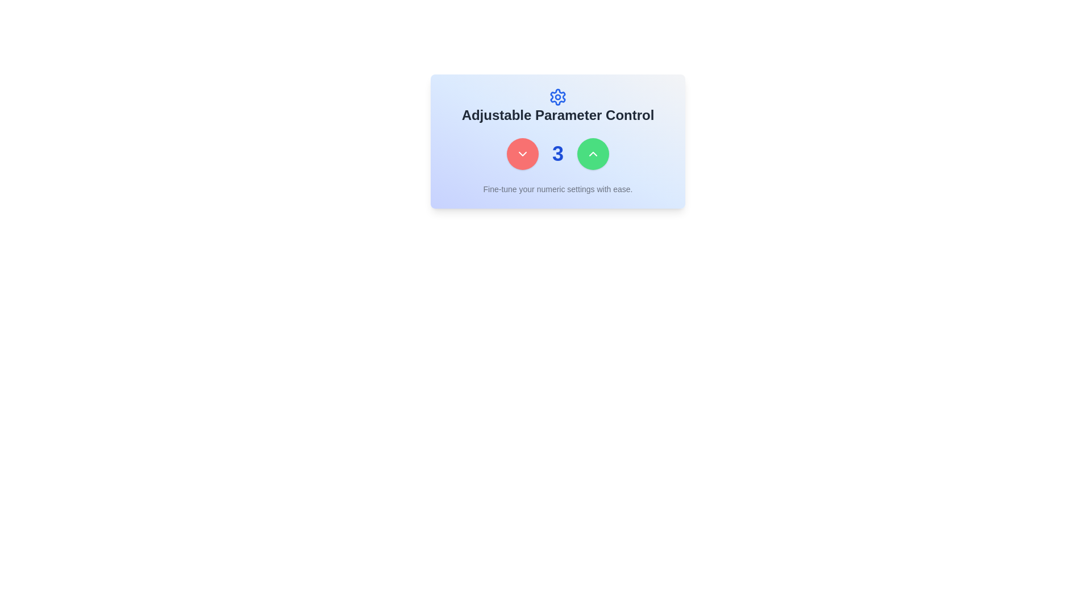 This screenshot has width=1091, height=614. What do you see at coordinates (522, 153) in the screenshot?
I see `the downward-pointing chevron SVG icon, which is styled with thin lines and located inside a circular red background, to reduce the value` at bounding box center [522, 153].